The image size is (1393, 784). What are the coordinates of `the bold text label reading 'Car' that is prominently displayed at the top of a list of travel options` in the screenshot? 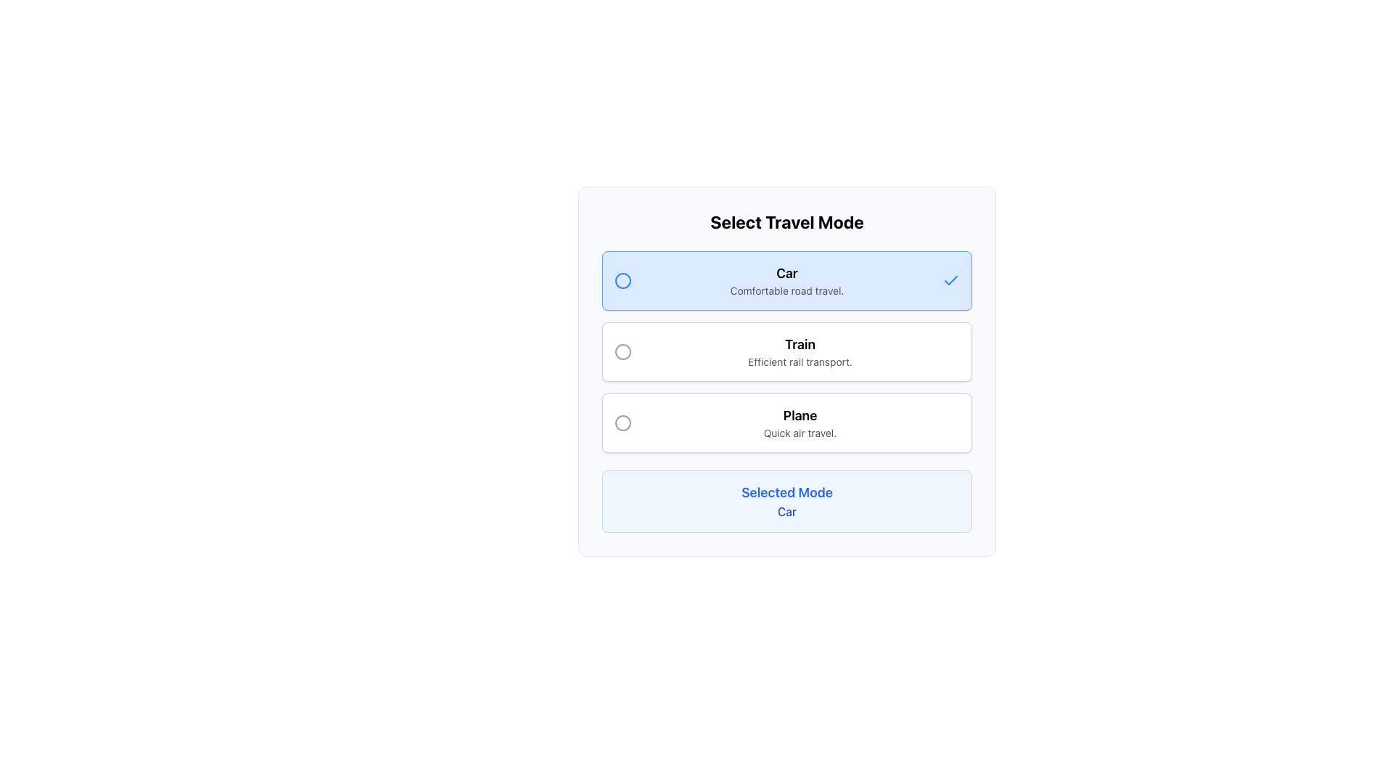 It's located at (786, 274).